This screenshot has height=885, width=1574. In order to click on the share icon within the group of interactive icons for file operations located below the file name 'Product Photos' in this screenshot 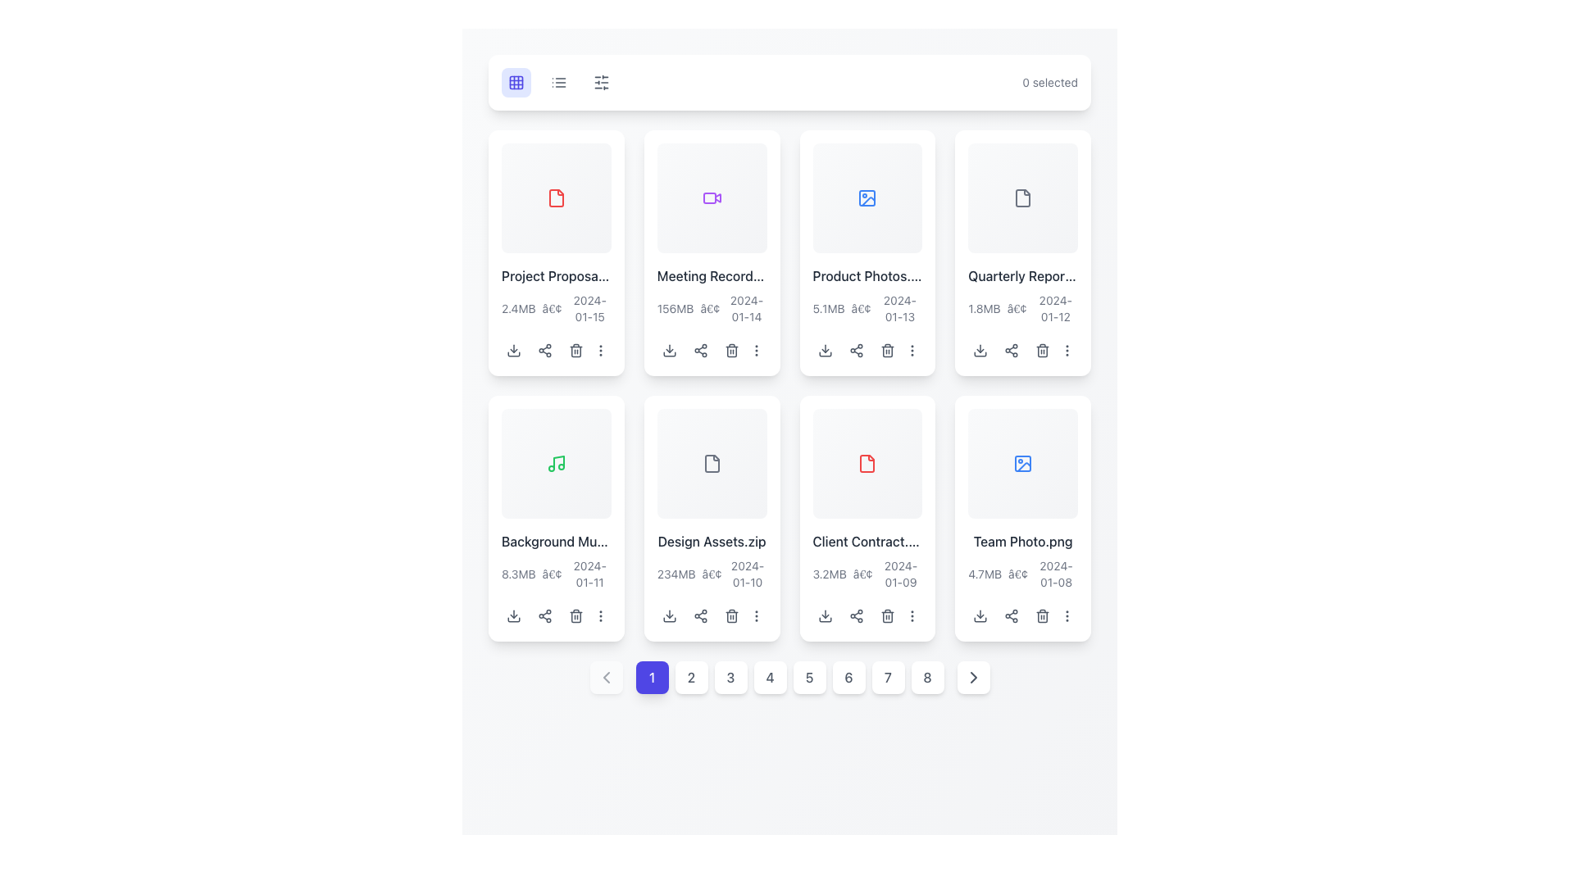, I will do `click(855, 349)`.